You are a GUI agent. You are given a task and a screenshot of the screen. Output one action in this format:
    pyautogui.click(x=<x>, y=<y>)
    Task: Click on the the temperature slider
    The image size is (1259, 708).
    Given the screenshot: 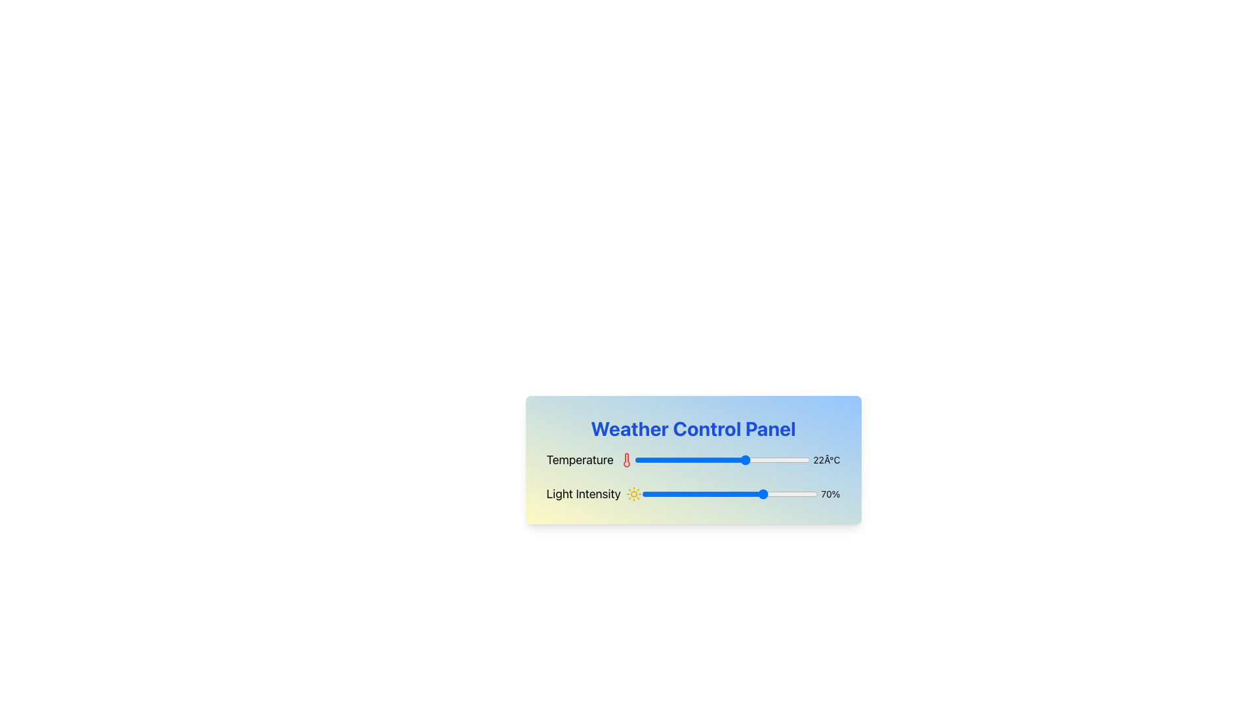 What is the action you would take?
    pyautogui.click(x=732, y=460)
    